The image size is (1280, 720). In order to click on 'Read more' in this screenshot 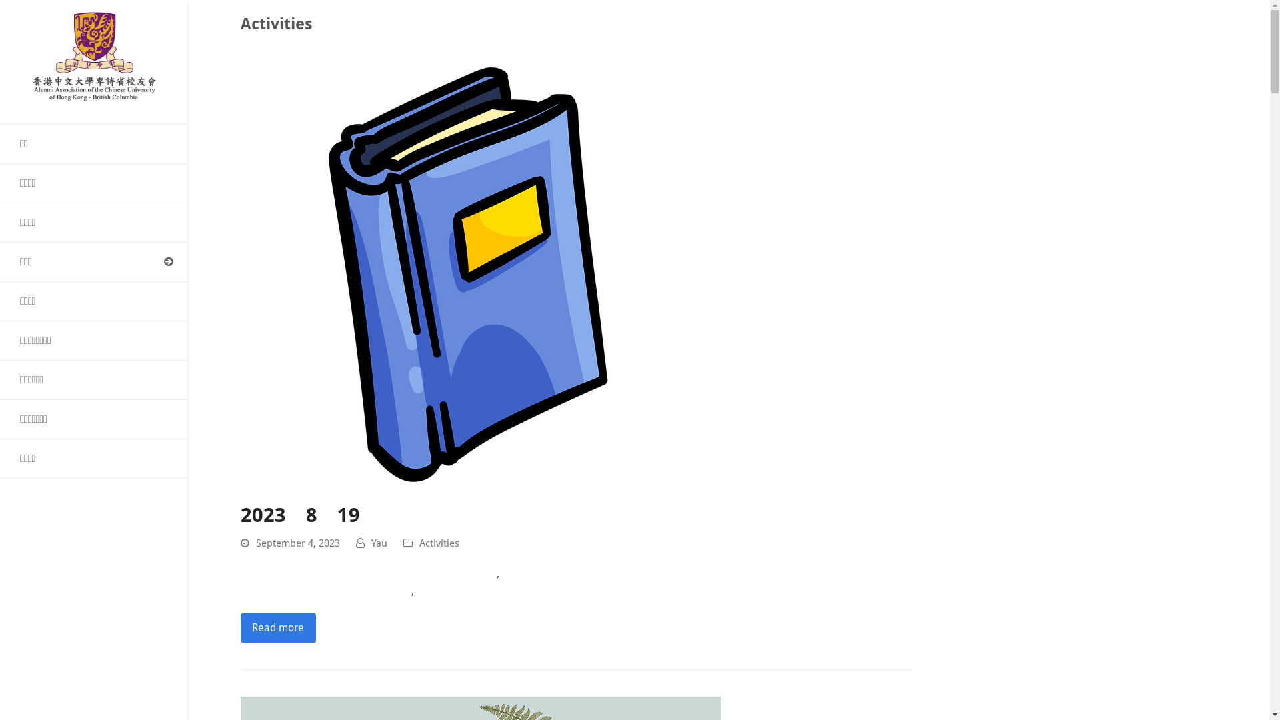, I will do `click(277, 627)`.